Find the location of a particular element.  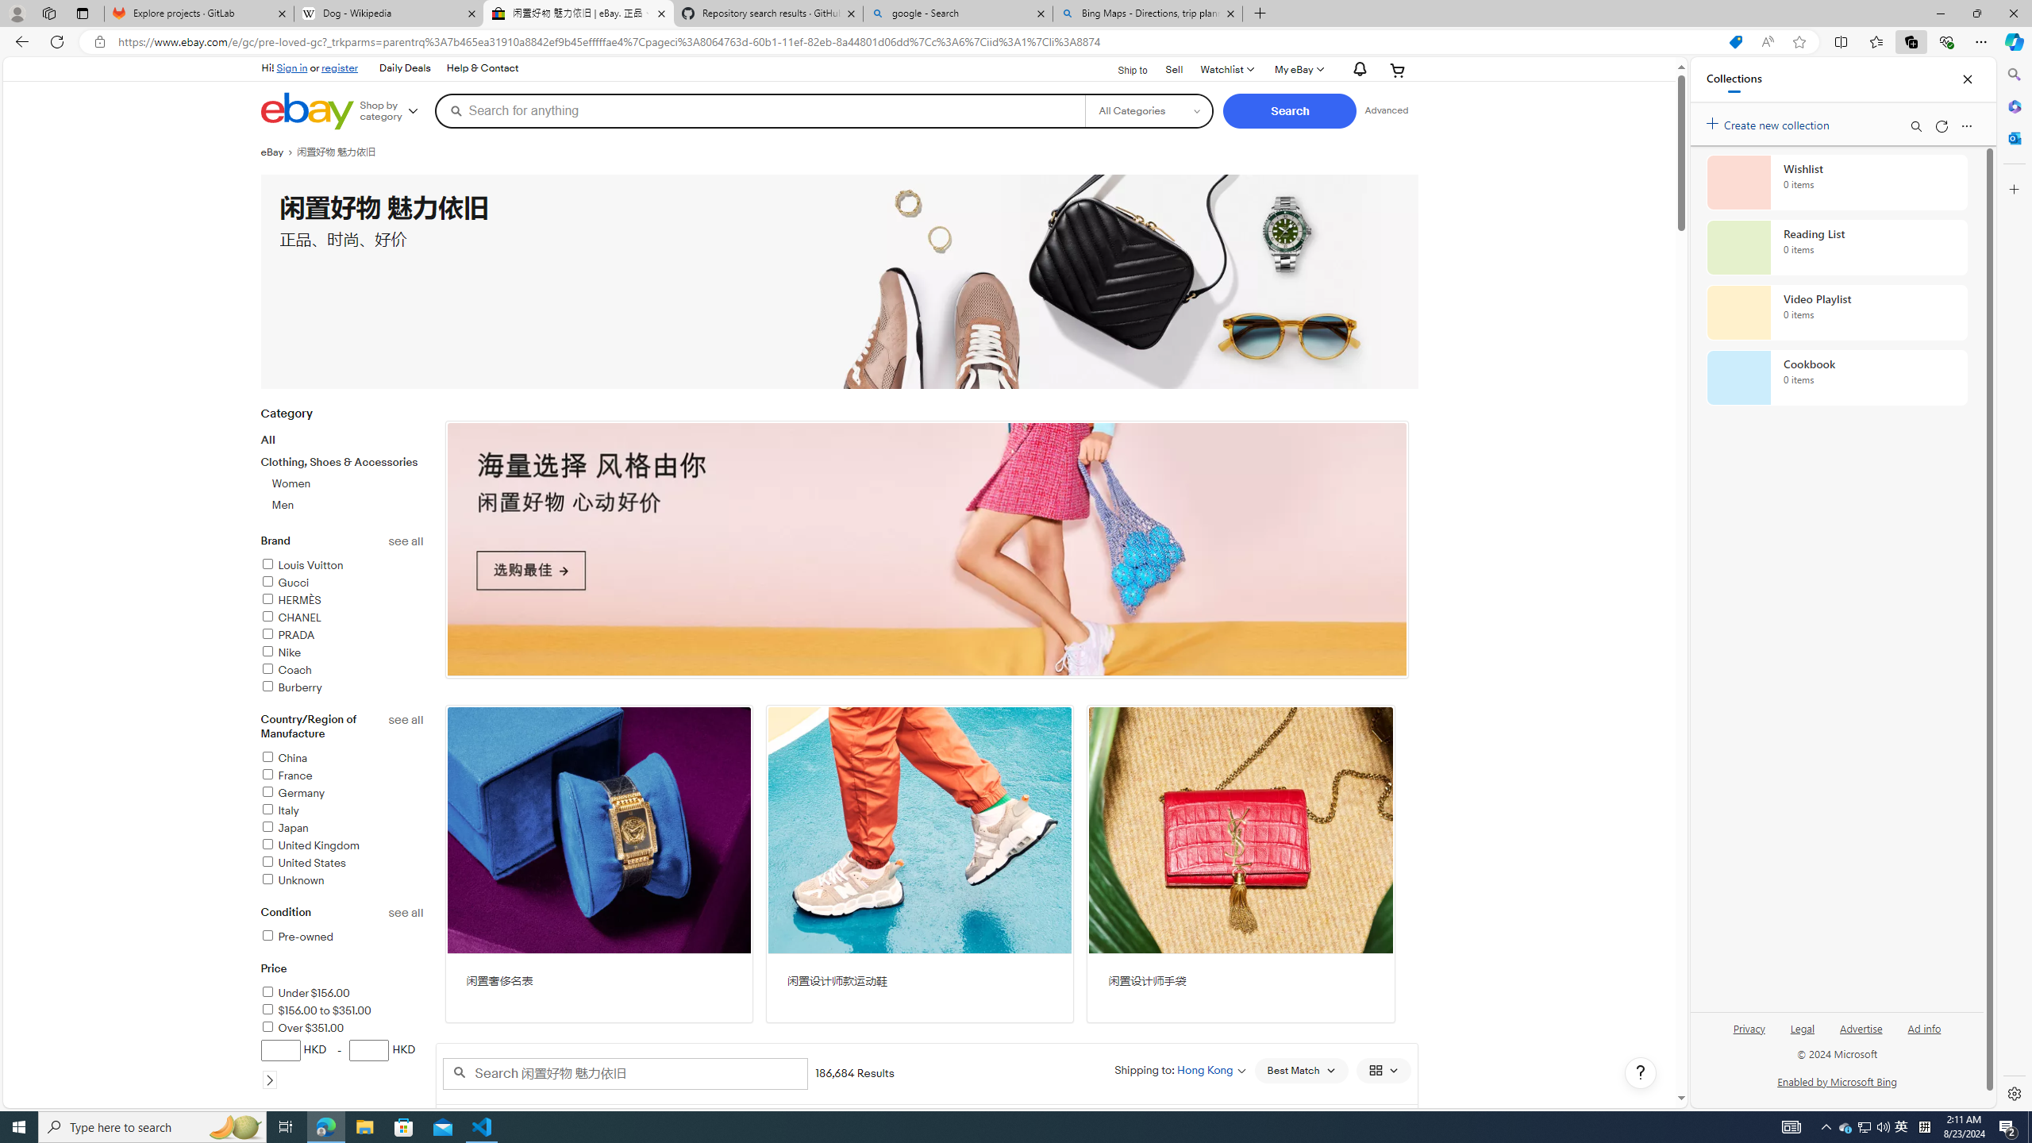

'Ship to' is located at coordinates (1122, 69).